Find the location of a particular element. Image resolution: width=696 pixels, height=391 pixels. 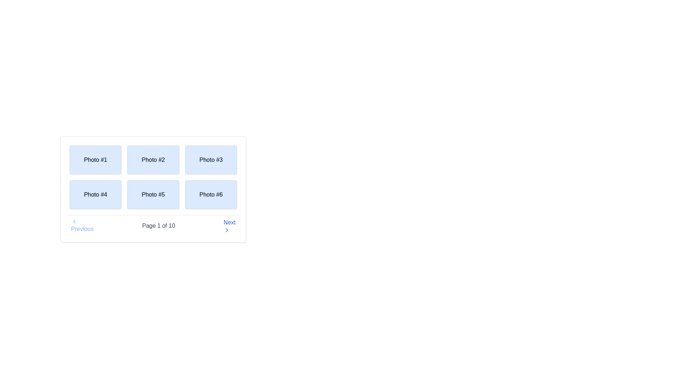

the 'Photo #2' button, which is the second button in the first row of a grid layout is located at coordinates (153, 160).